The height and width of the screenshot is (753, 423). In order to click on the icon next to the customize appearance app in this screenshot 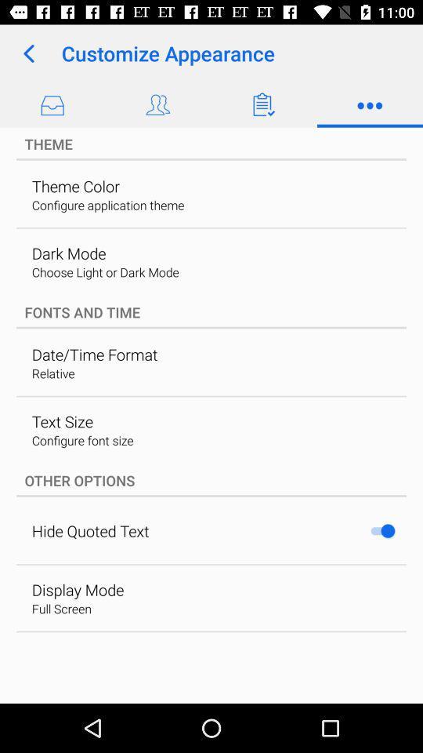, I will do `click(28, 53)`.